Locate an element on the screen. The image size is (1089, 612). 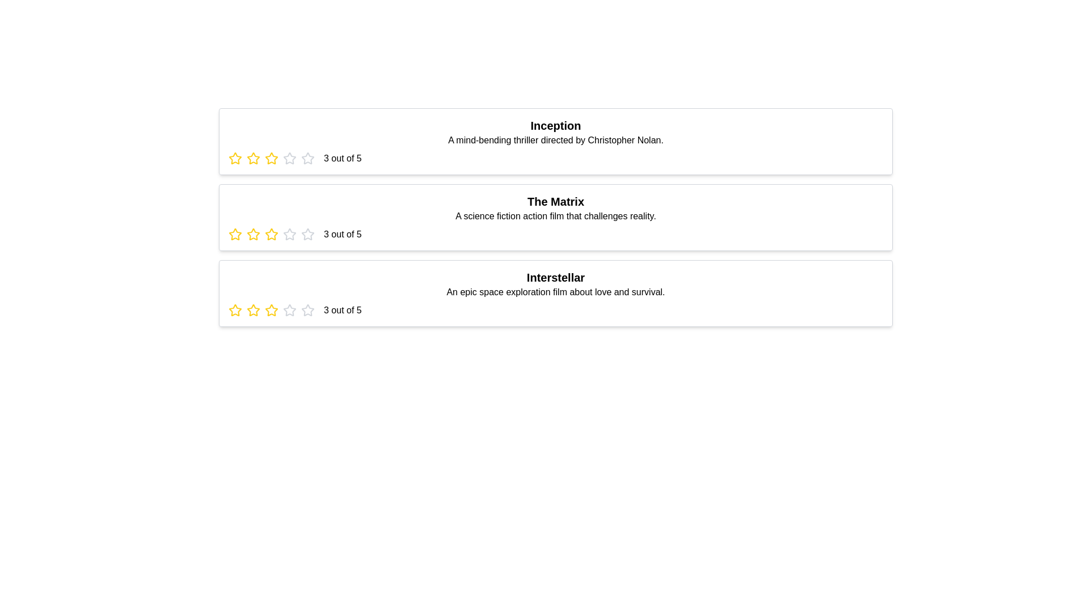
the star corresponding to 3 stars for the movie titled Inception is located at coordinates (271, 159).